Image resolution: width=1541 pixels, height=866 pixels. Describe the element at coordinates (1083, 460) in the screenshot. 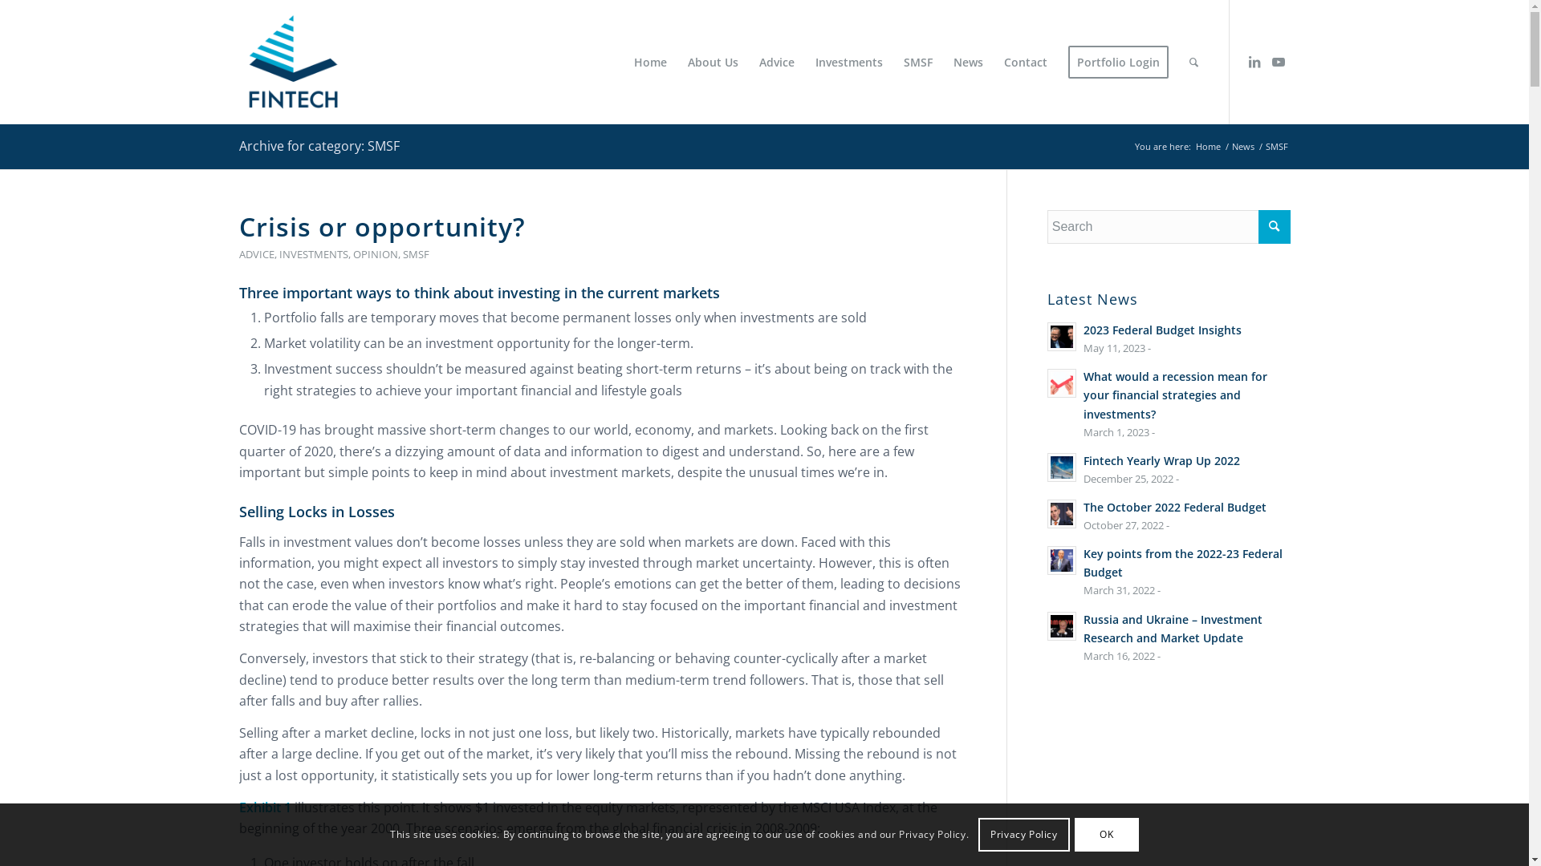

I see `'Fintech Yearly Wrap Up 2022'` at that location.